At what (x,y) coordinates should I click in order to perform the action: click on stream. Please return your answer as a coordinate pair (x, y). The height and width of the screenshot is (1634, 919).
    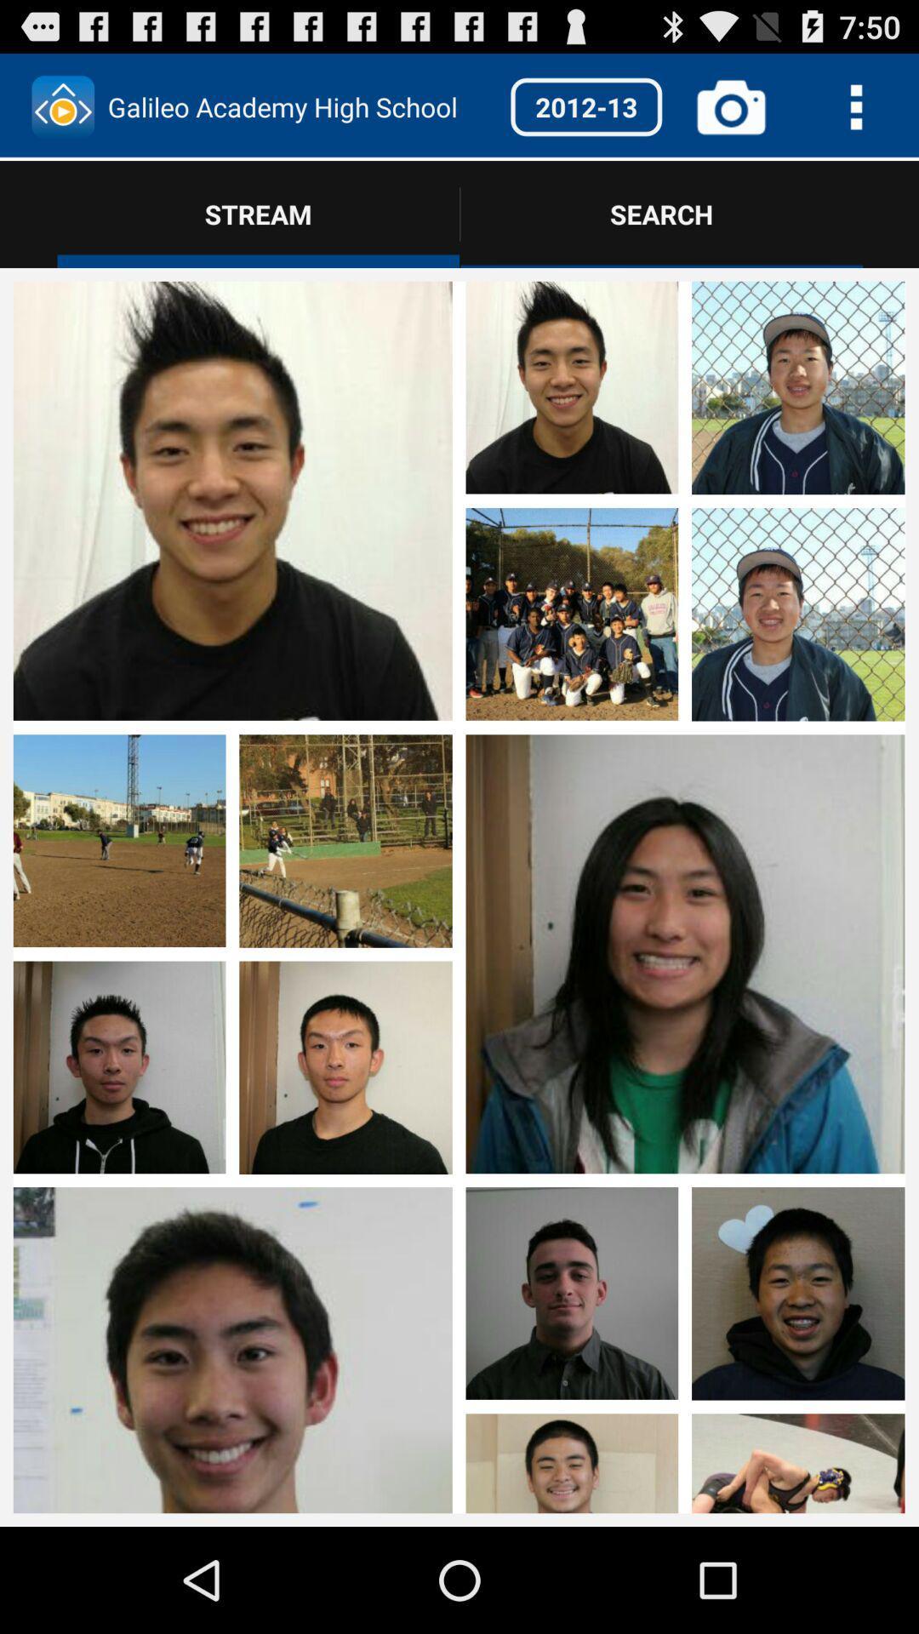
    Looking at the image, I should click on (798, 842).